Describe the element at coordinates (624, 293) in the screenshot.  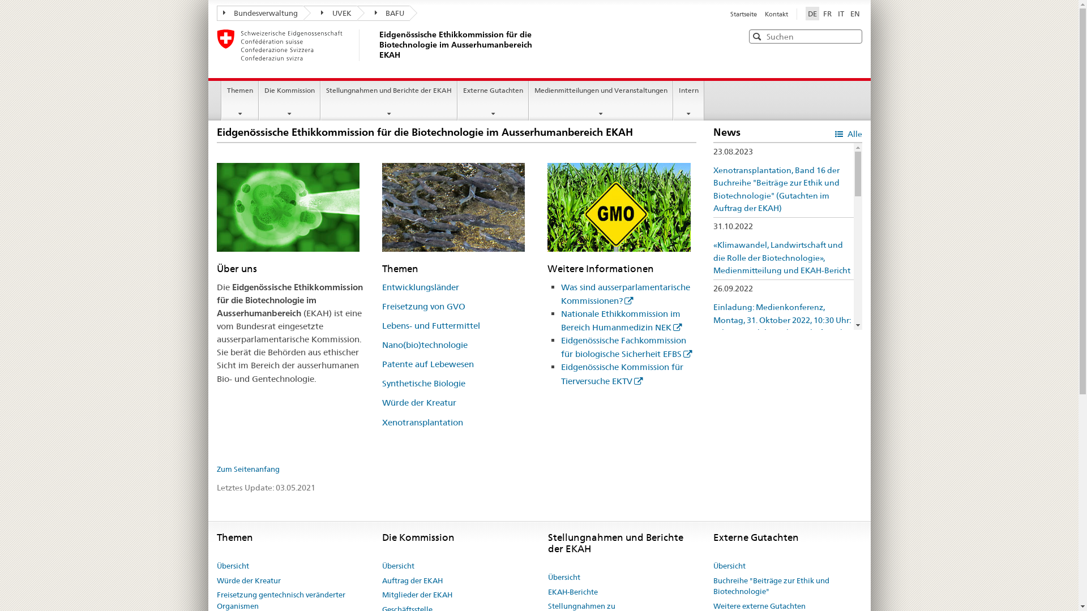
I see `'Was sind ausserparlamentarische Kommissionen?'` at that location.